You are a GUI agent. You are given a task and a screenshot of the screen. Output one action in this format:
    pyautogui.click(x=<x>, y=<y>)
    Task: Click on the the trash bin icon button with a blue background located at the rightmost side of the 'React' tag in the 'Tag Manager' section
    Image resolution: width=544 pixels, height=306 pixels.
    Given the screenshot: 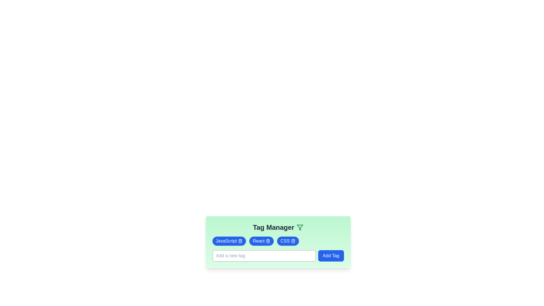 What is the action you would take?
    pyautogui.click(x=267, y=241)
    